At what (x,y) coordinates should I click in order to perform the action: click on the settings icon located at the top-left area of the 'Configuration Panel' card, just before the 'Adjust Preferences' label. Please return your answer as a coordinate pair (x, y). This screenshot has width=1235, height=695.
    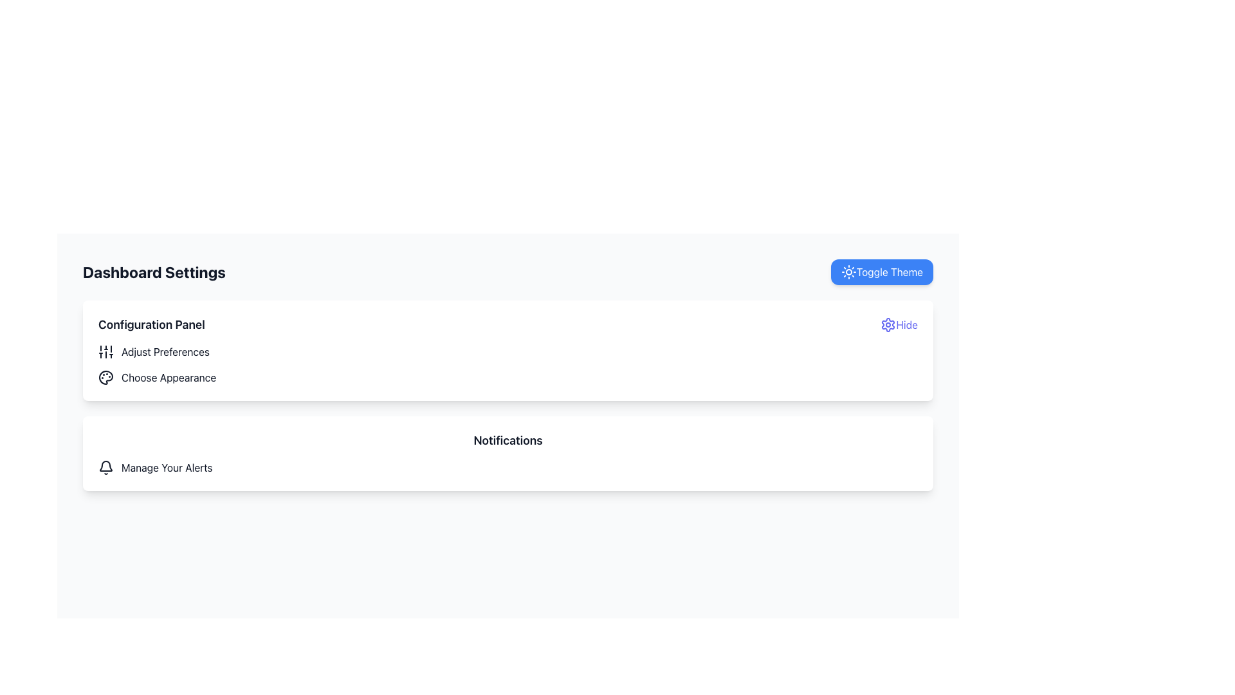
    Looking at the image, I should click on (105, 352).